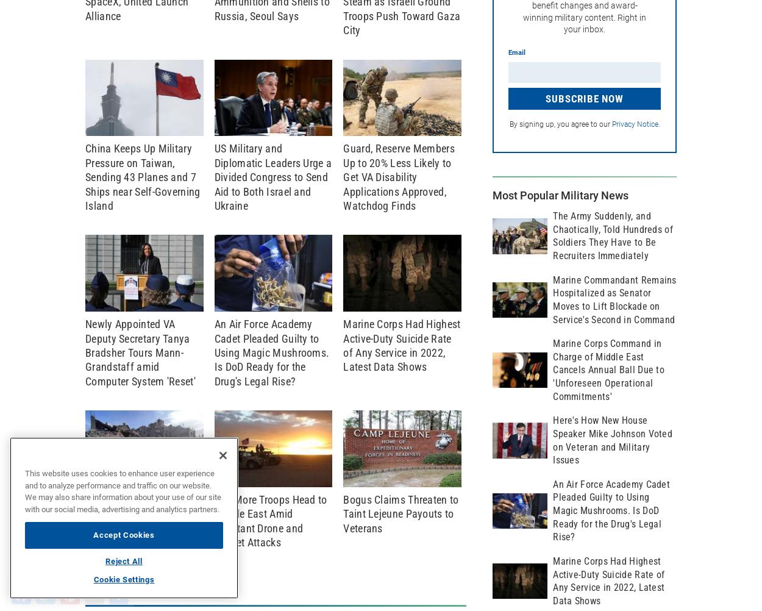 The height and width of the screenshot is (611, 762). I want to click on '300 More Troops Head to Middle East Amid Constant Drone and Rocket Attacks', so click(269, 521).